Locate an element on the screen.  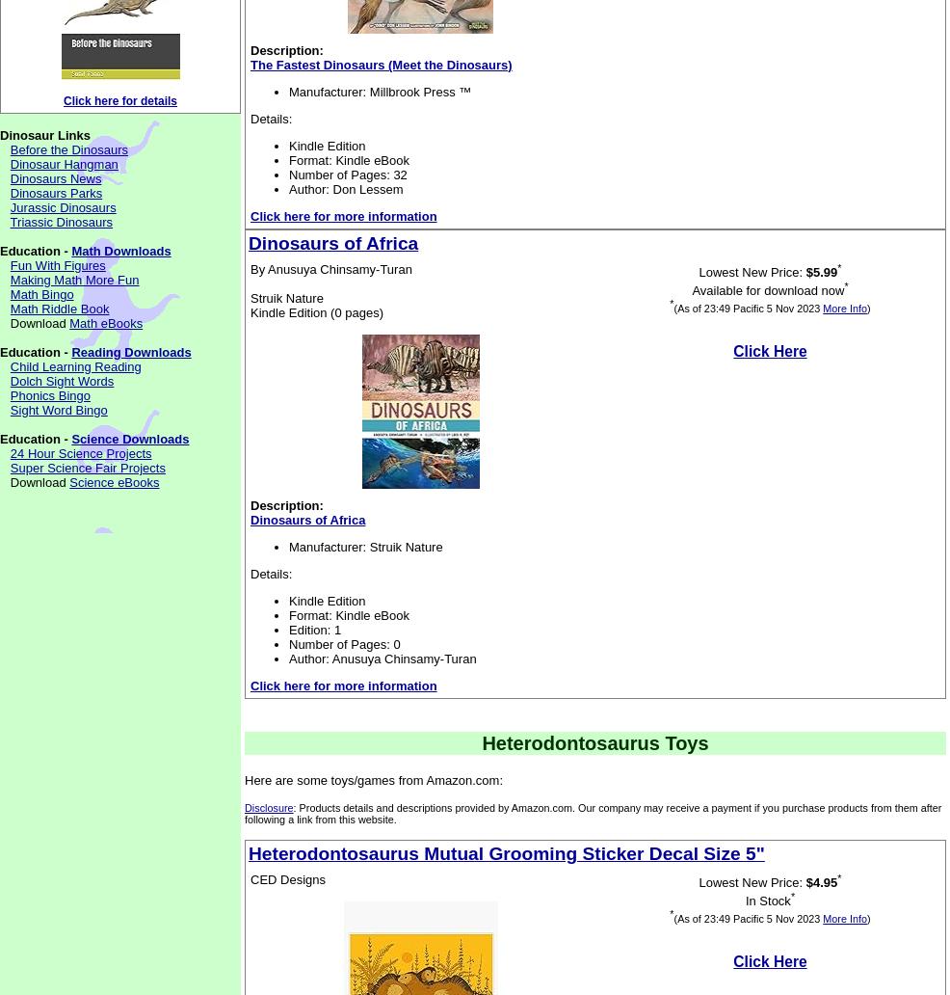
'Math Riddle Book' is located at coordinates (58, 309).